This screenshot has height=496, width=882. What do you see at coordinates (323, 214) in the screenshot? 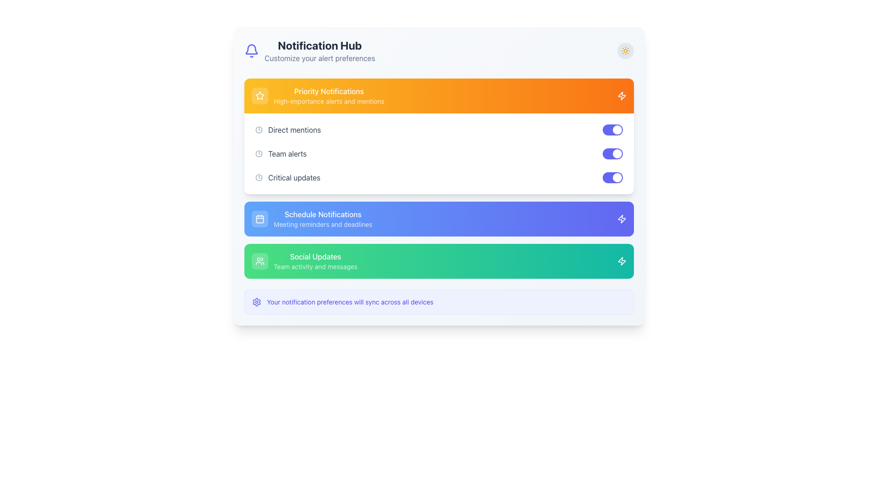
I see `the text label that indicates the scheduling notifications section in the notification settings, located beneath the 'Priority Notifications' and above 'Social Updates'` at bounding box center [323, 214].